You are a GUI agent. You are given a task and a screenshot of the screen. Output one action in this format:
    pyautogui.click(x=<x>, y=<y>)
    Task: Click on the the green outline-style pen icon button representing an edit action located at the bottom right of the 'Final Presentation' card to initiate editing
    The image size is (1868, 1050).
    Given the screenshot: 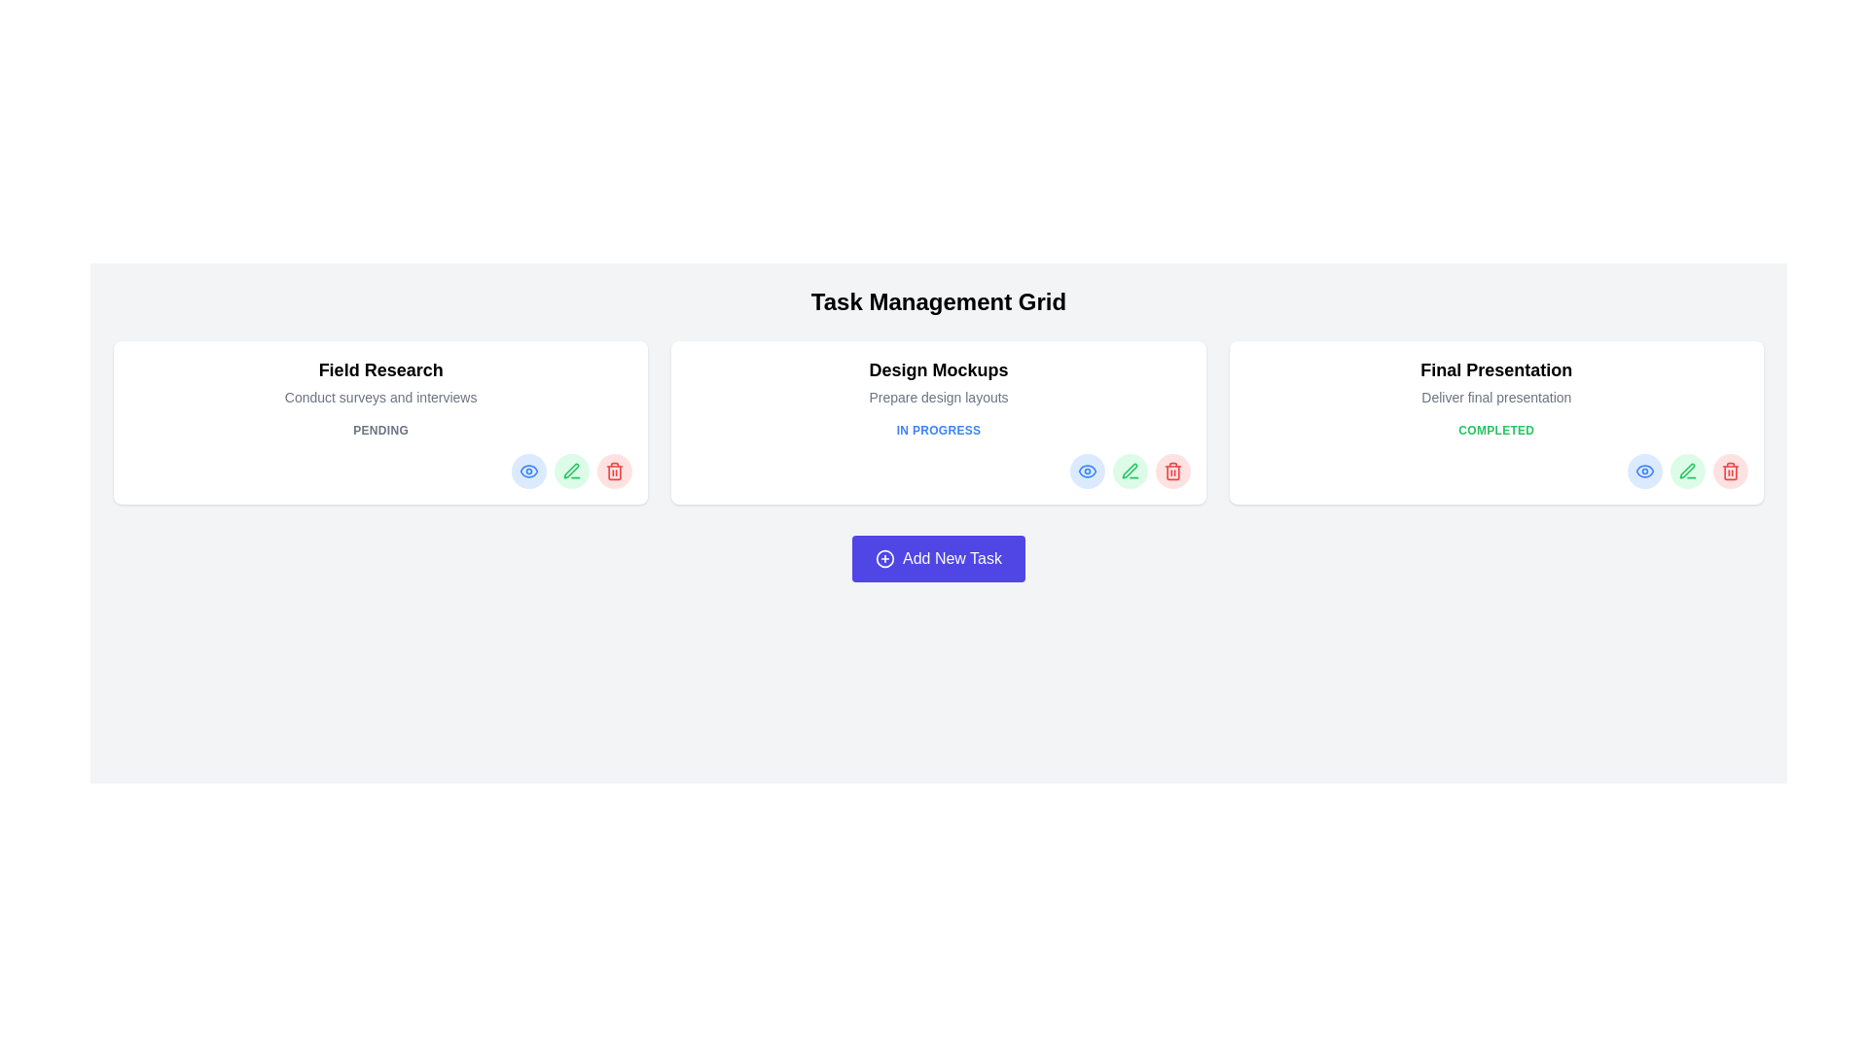 What is the action you would take?
    pyautogui.click(x=1686, y=472)
    